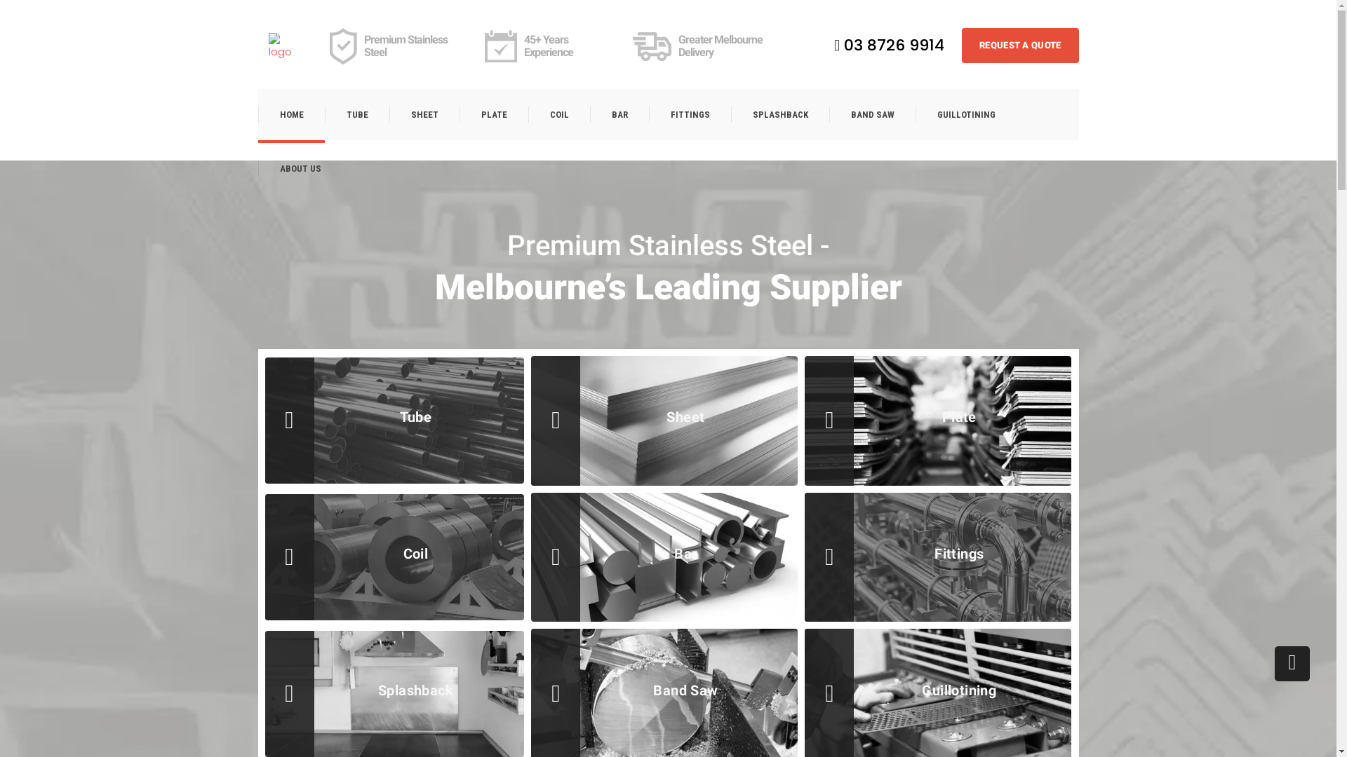 Image resolution: width=1347 pixels, height=757 pixels. What do you see at coordinates (388, 114) in the screenshot?
I see `'SHEET'` at bounding box center [388, 114].